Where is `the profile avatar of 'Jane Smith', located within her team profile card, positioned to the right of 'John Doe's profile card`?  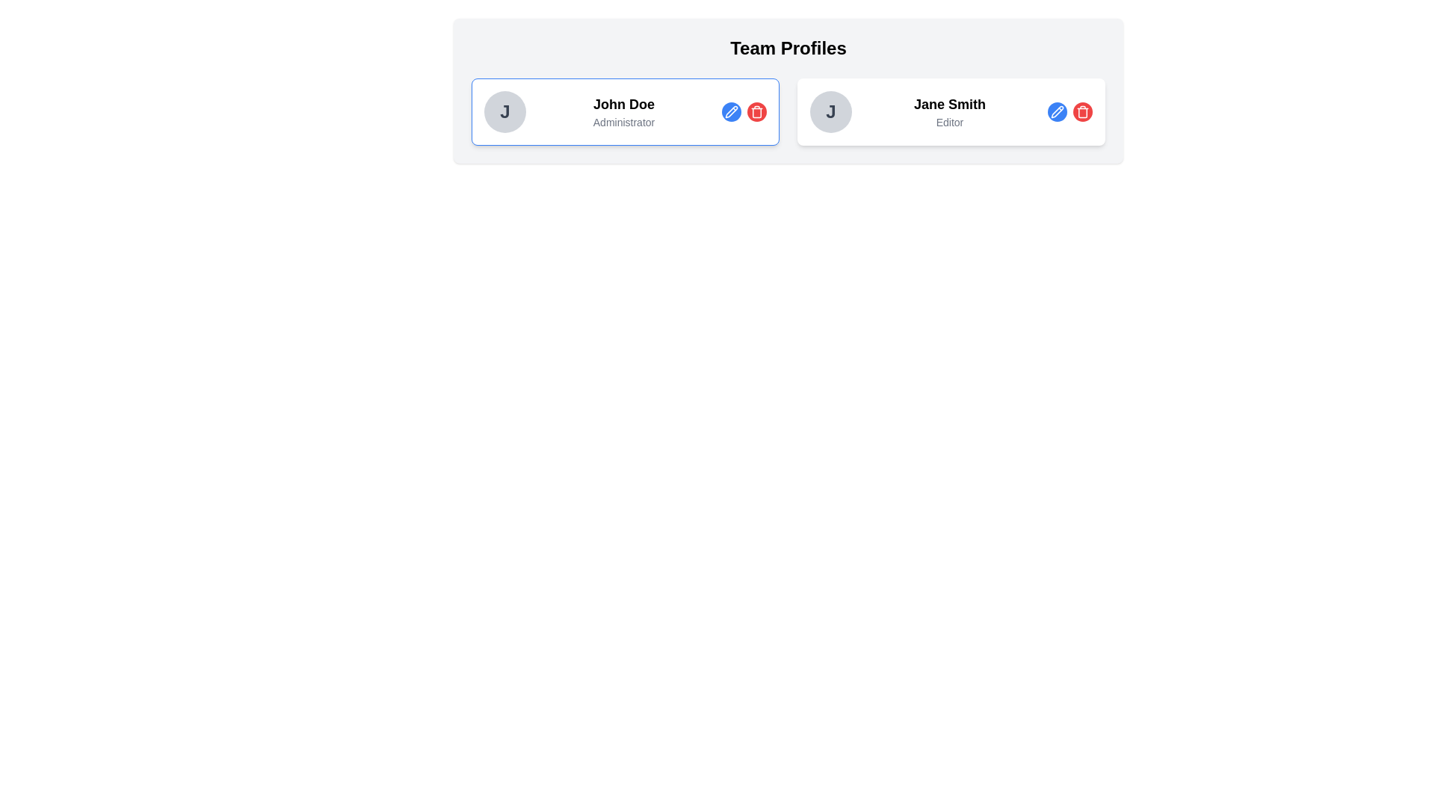
the profile avatar of 'Jane Smith', located within her team profile card, positioned to the right of 'John Doe's profile card is located at coordinates (830, 111).